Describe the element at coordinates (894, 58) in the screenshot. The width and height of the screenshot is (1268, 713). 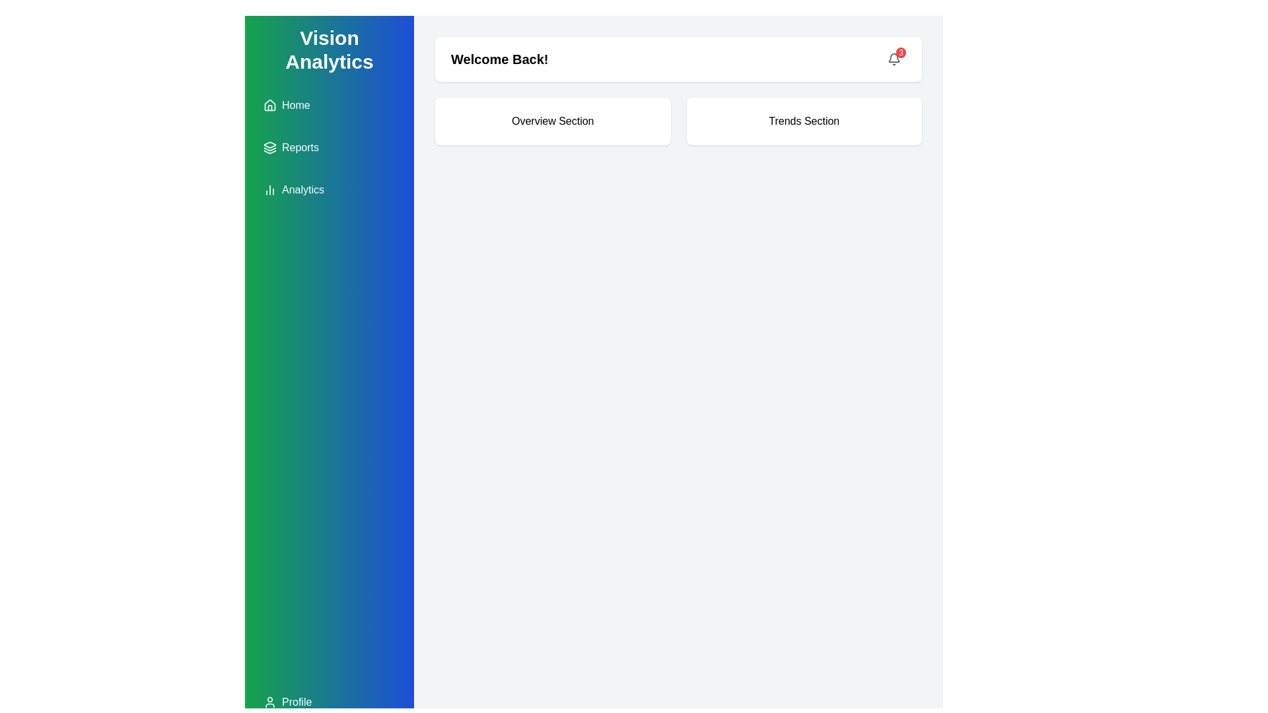
I see `the bell icon located in the top-right section of the page` at that location.